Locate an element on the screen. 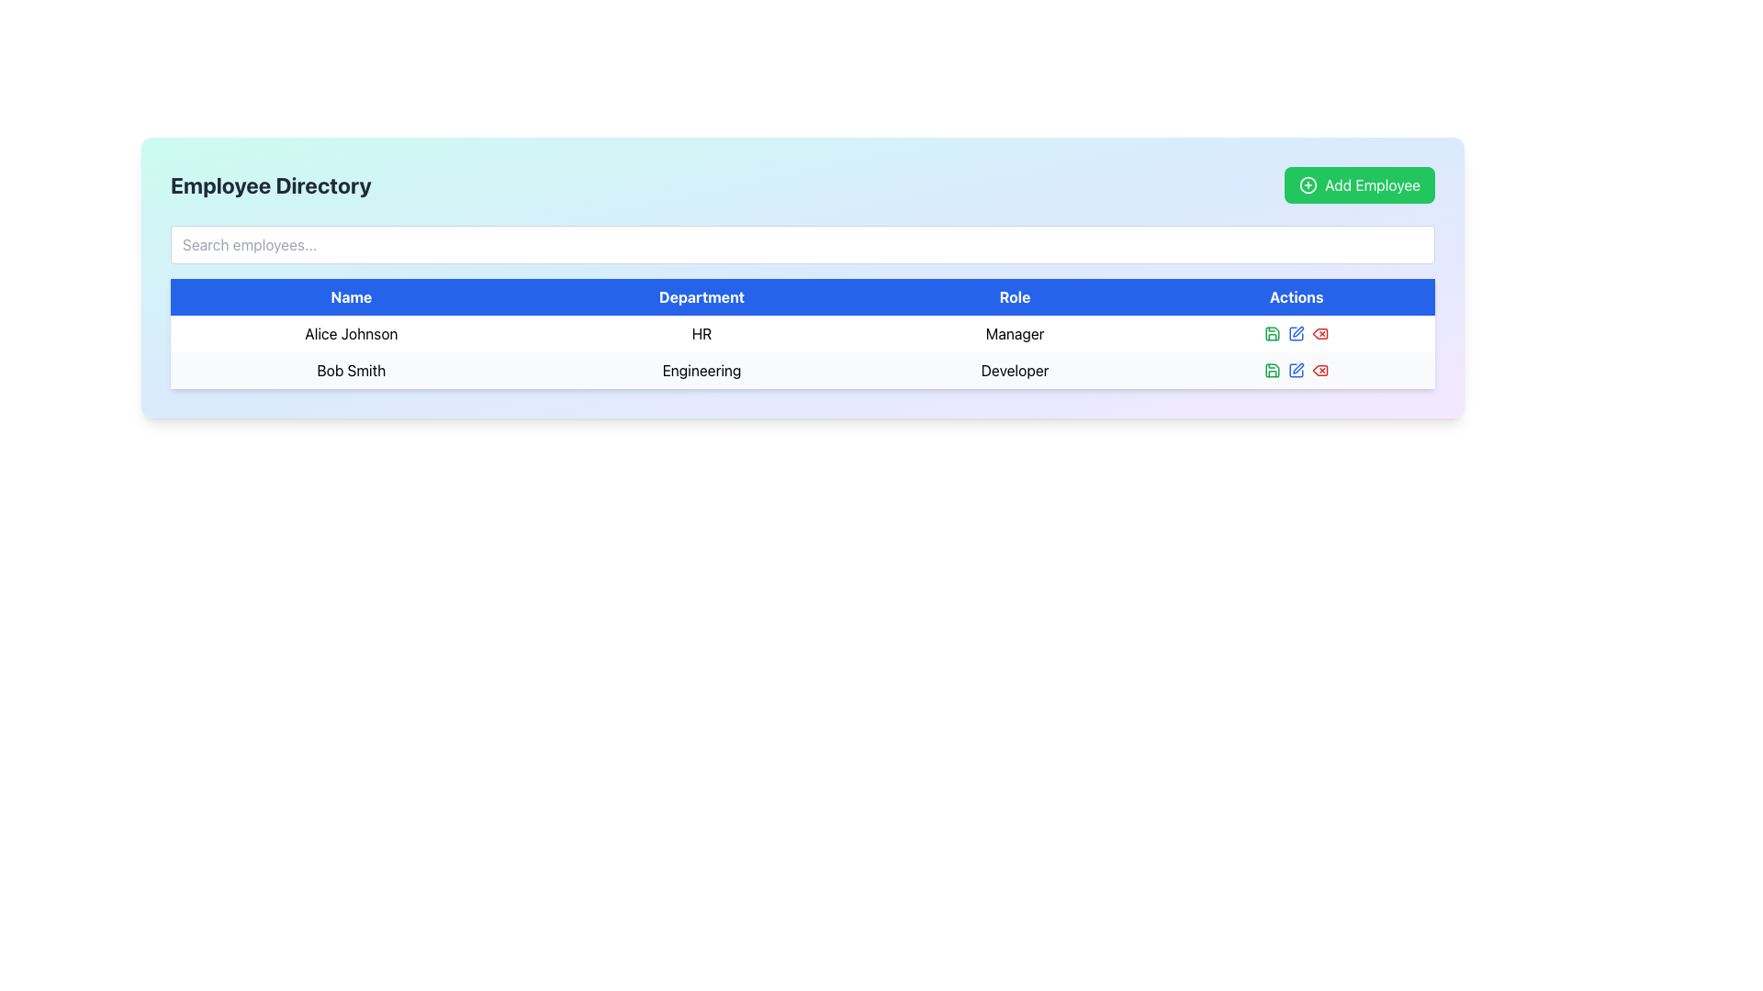 This screenshot has height=991, width=1763. the 'Add Employee' button, which is a green rectangular button with white text and a plus sign icon, located in the top bar of the 'Employee Directory' is located at coordinates (1360, 184).